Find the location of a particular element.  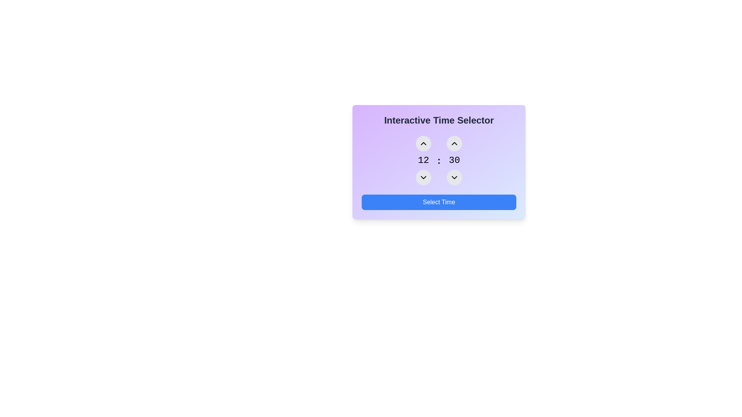

the downward-pointing chevron icon, which is styled with a thin, rounded border and located at the center bottom area of the time selector interface, to trigger possible visual feedback is located at coordinates (423, 177).